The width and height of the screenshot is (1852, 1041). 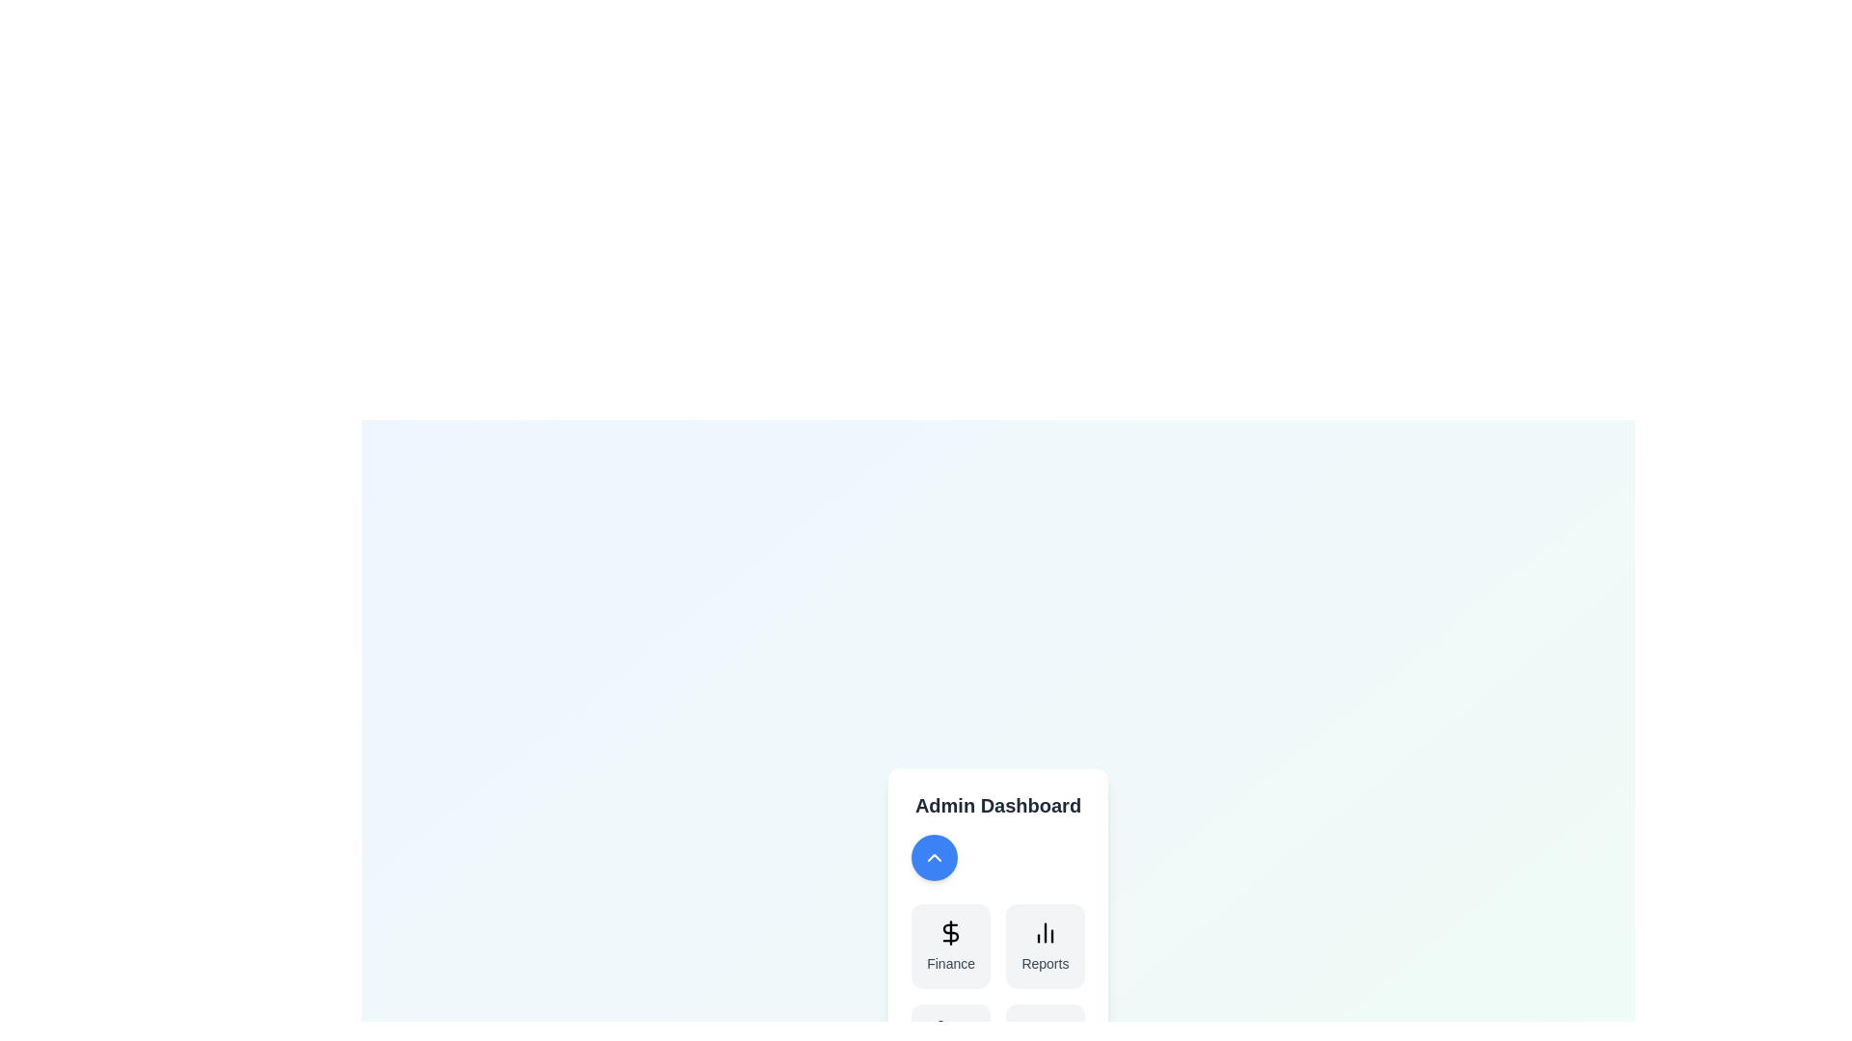 I want to click on the button corresponding to Reports, so click(x=1044, y=946).